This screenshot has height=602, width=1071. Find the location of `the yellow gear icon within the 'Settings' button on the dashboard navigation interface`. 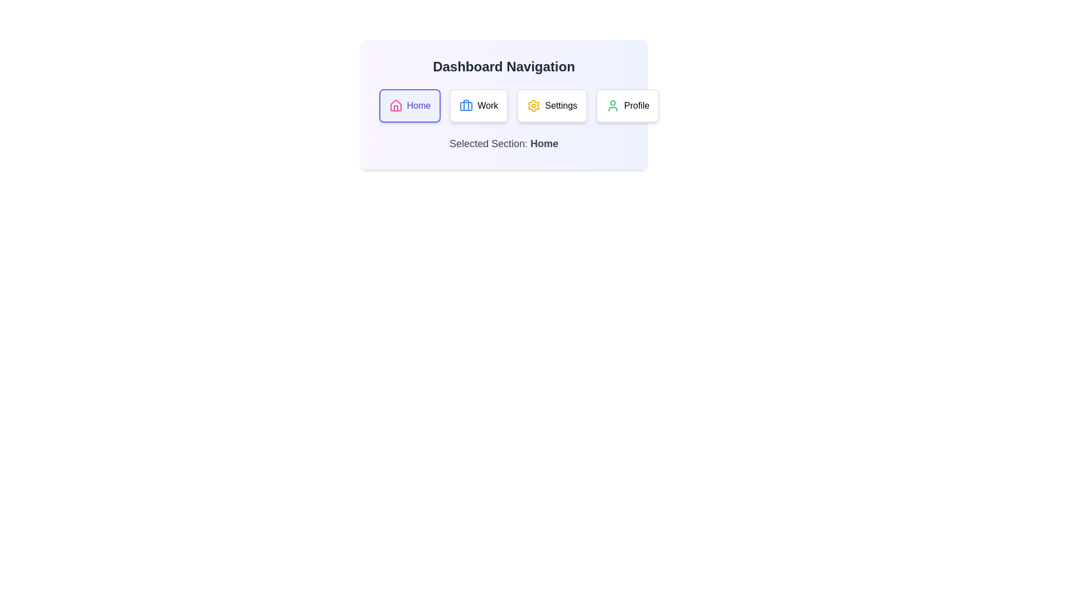

the yellow gear icon within the 'Settings' button on the dashboard navigation interface is located at coordinates (533, 105).